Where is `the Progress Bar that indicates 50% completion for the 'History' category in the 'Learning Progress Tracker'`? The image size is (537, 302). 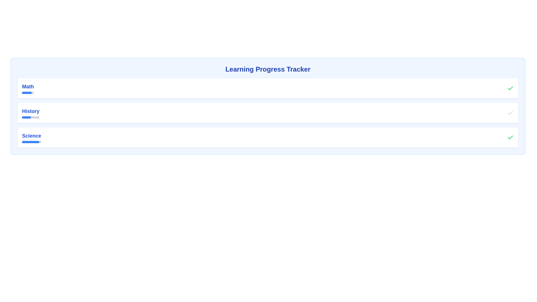 the Progress Bar that indicates 50% completion for the 'History' category in the 'Learning Progress Tracker' is located at coordinates (30, 117).